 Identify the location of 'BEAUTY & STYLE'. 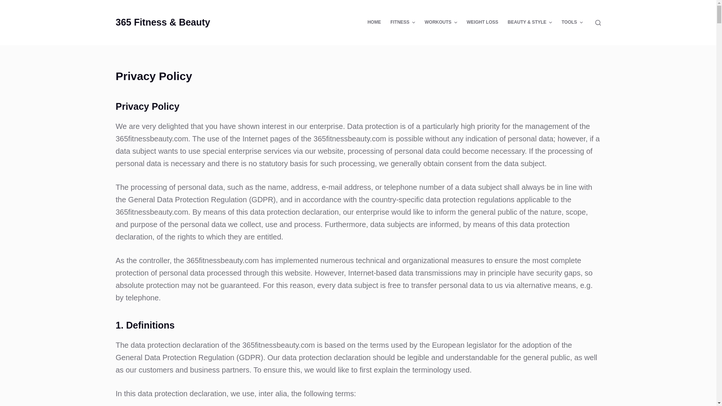
(529, 22).